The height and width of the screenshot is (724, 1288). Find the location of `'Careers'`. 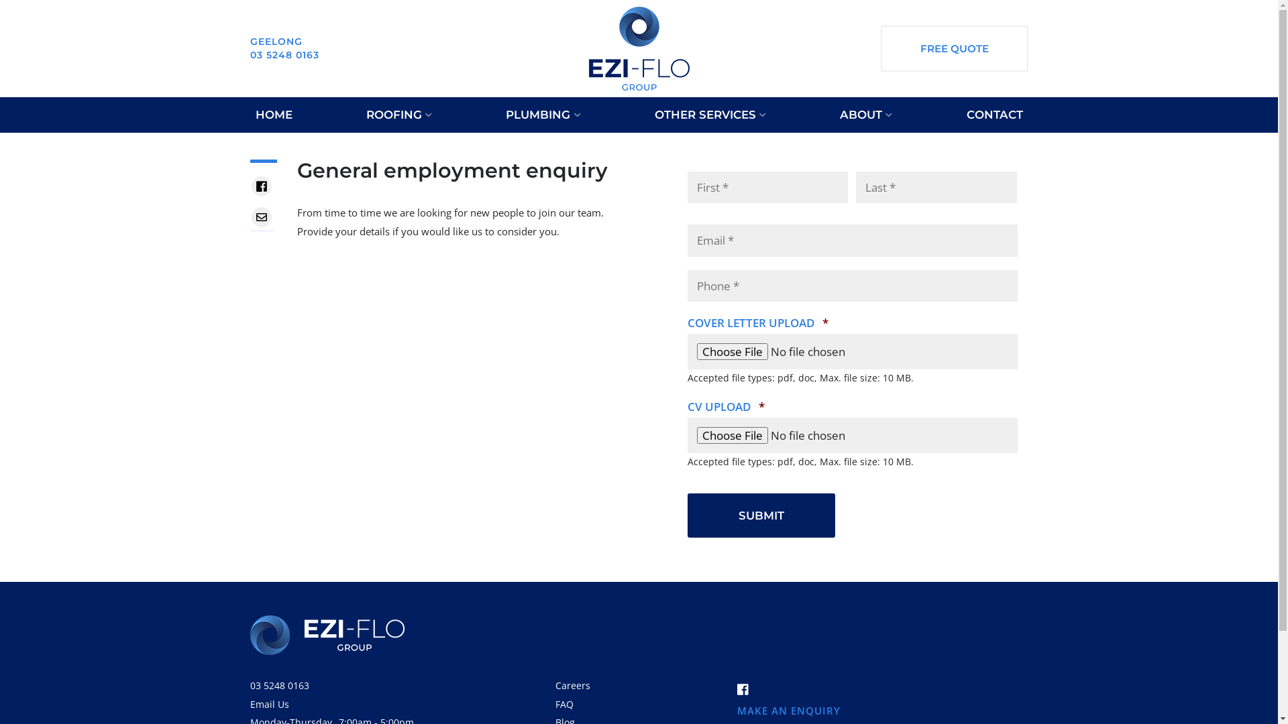

'Careers' is located at coordinates (573, 685).